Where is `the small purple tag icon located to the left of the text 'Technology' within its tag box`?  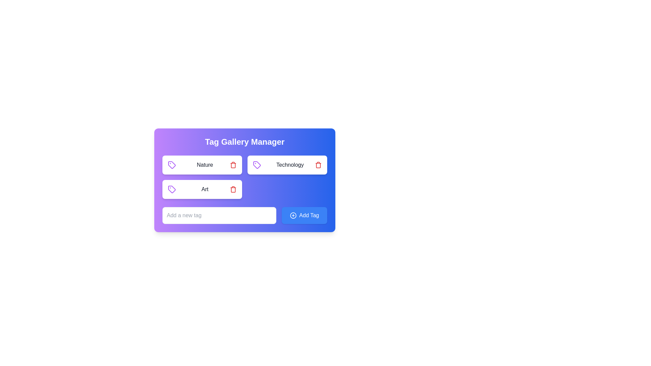 the small purple tag icon located to the left of the text 'Technology' within its tag box is located at coordinates (257, 165).